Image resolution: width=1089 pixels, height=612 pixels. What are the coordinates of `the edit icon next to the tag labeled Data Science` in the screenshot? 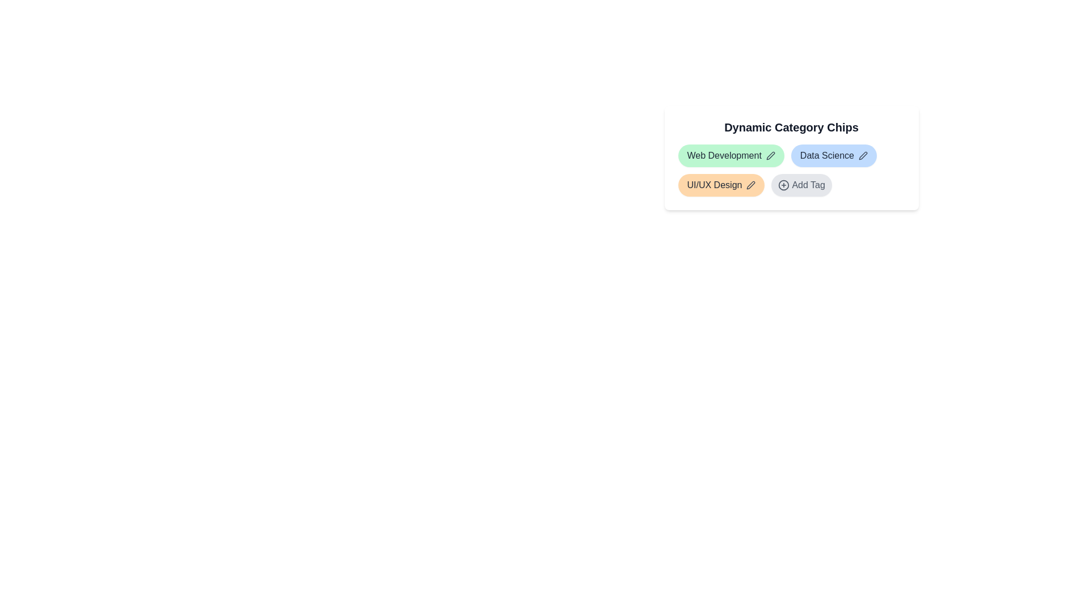 It's located at (862, 155).